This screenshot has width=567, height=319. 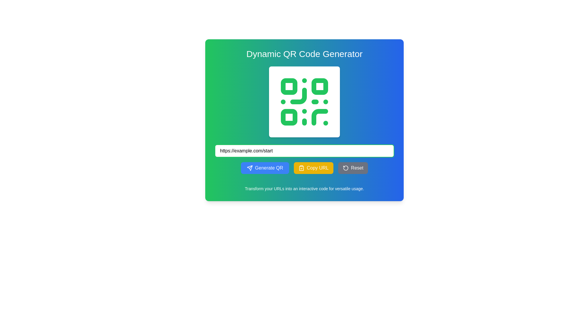 What do you see at coordinates (304, 168) in the screenshot?
I see `the rectangular button with a yellow background and white text 'Copy URL', which is the second button in a horizontal arrangement of three buttons located at the bottom of the interface` at bounding box center [304, 168].